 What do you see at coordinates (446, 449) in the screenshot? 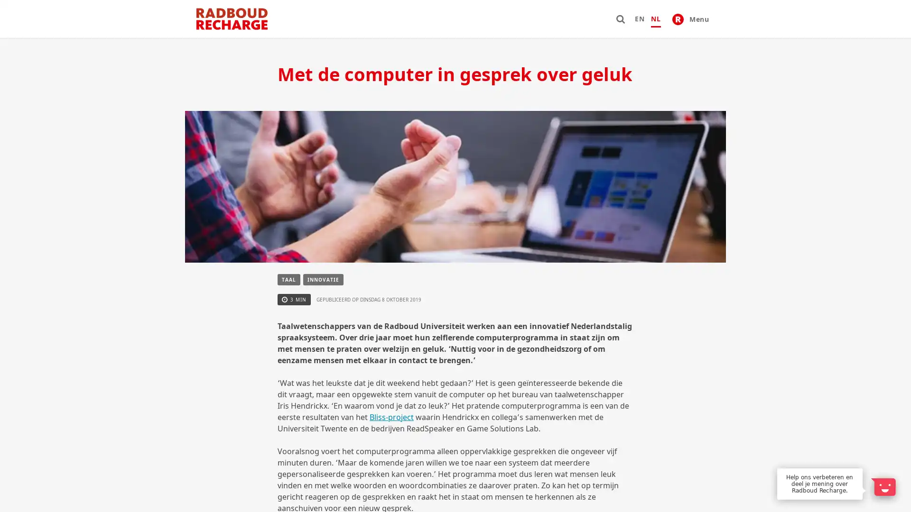
I see `TONEN EN OPSLAAN` at bounding box center [446, 449].